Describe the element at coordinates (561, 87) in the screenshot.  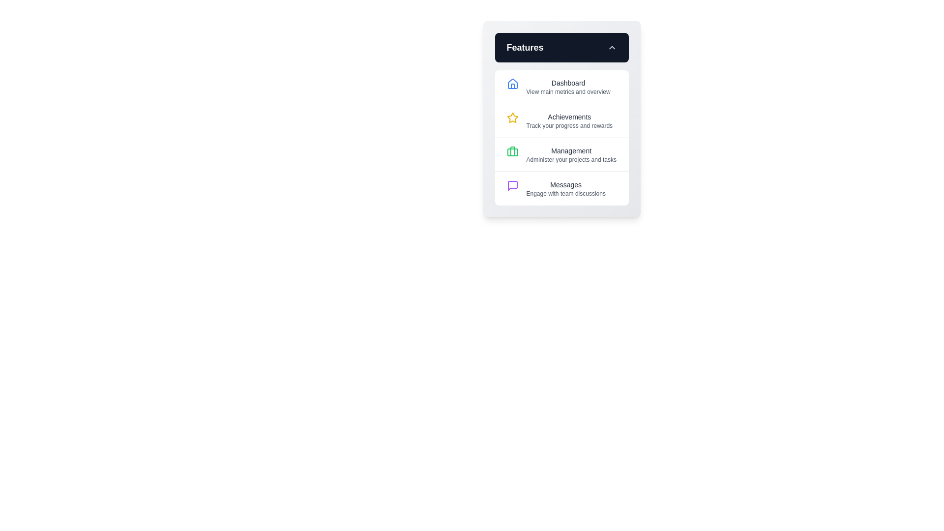
I see `the 'Dashboard' list item in the navigation menu, which features a blue house icon and bold text` at that location.